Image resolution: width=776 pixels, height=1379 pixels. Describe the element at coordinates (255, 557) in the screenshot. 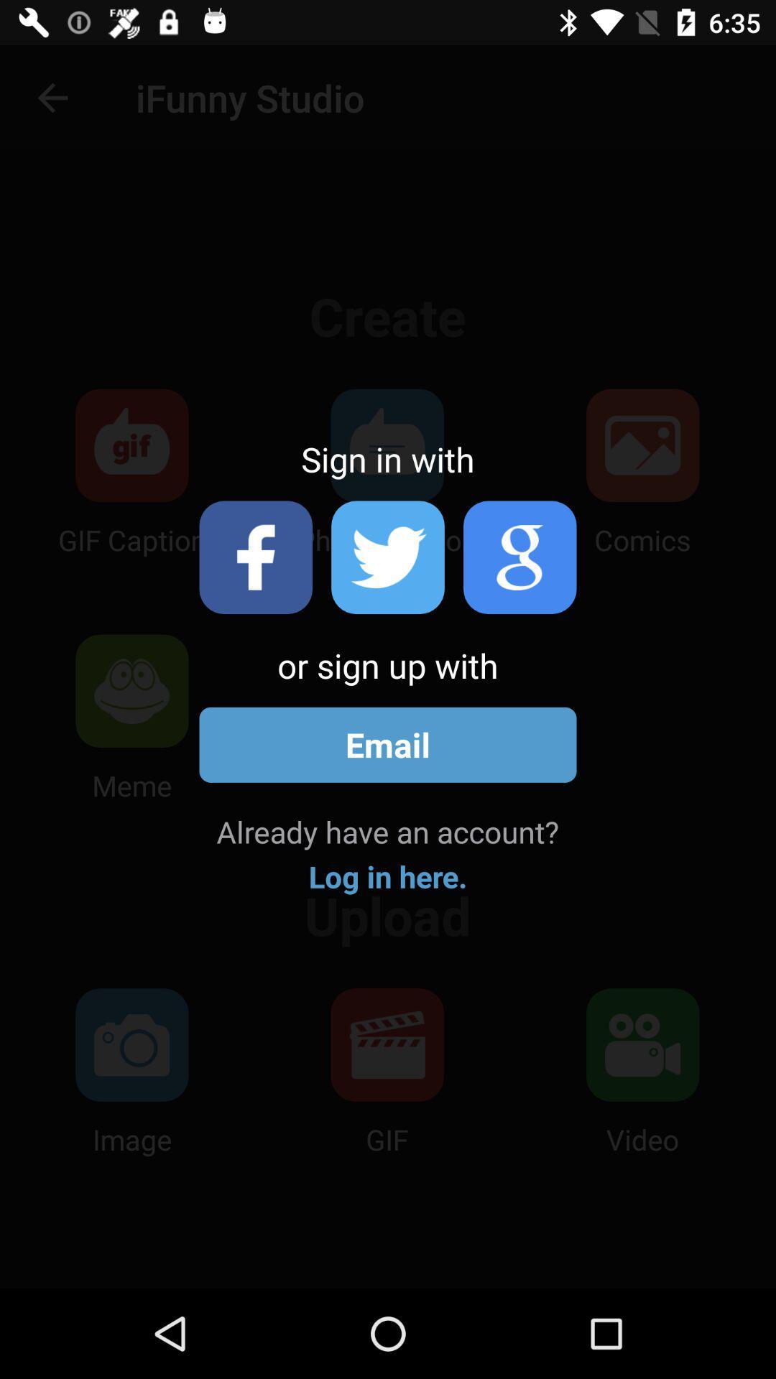

I see `facebook sign-in` at that location.